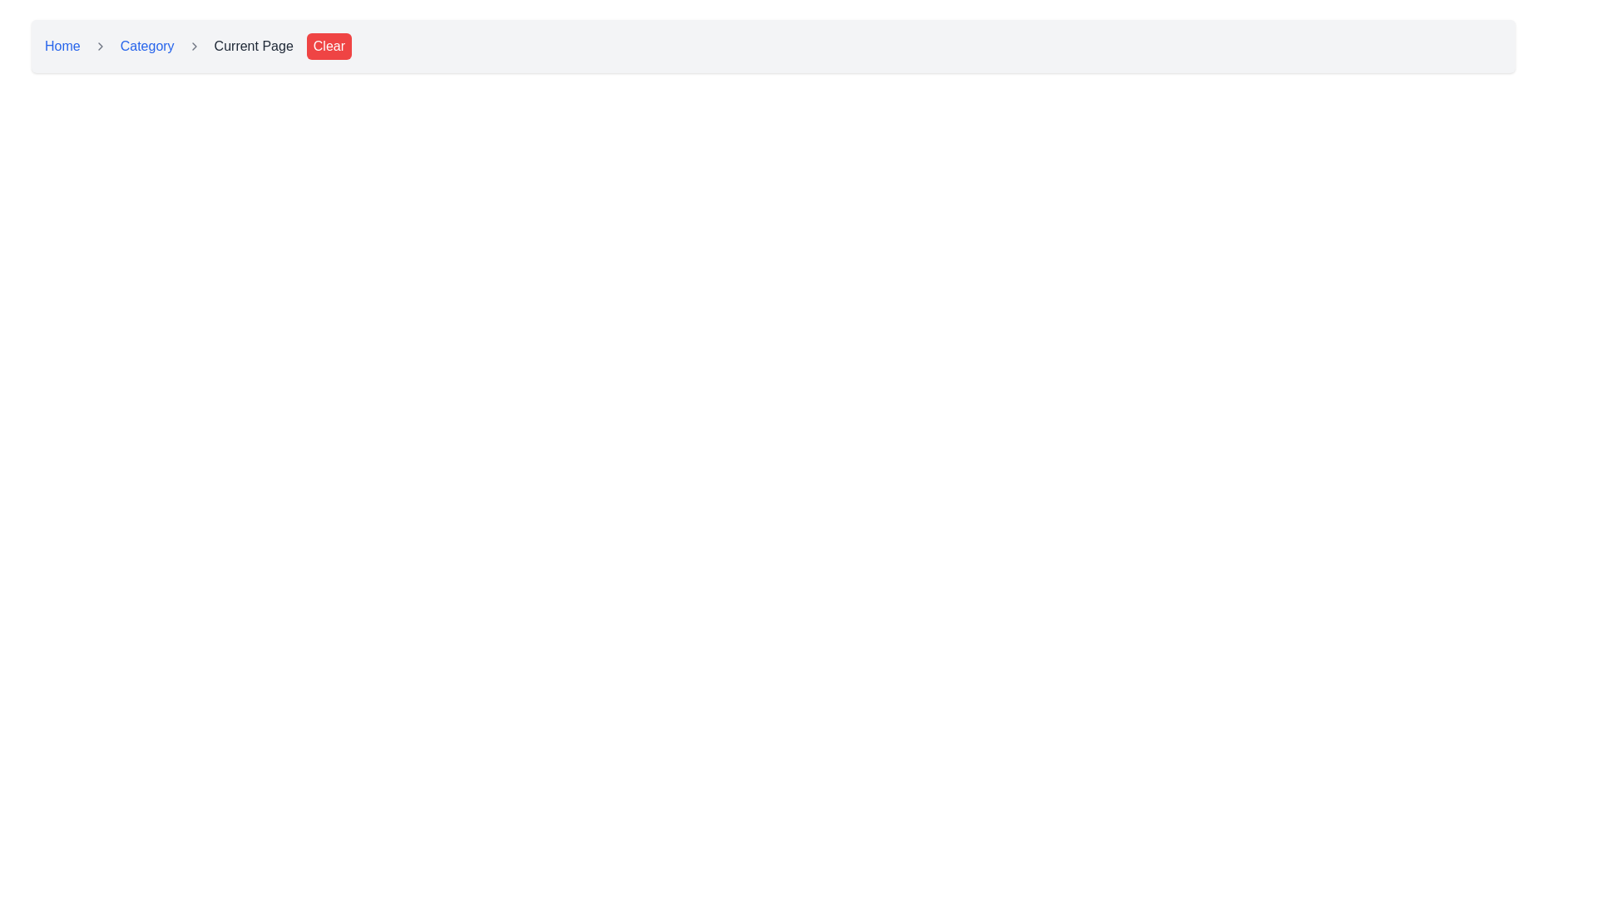 The image size is (1597, 898). What do you see at coordinates (62, 46) in the screenshot?
I see `the 'Home' link in the breadcrumb navigation bar` at bounding box center [62, 46].